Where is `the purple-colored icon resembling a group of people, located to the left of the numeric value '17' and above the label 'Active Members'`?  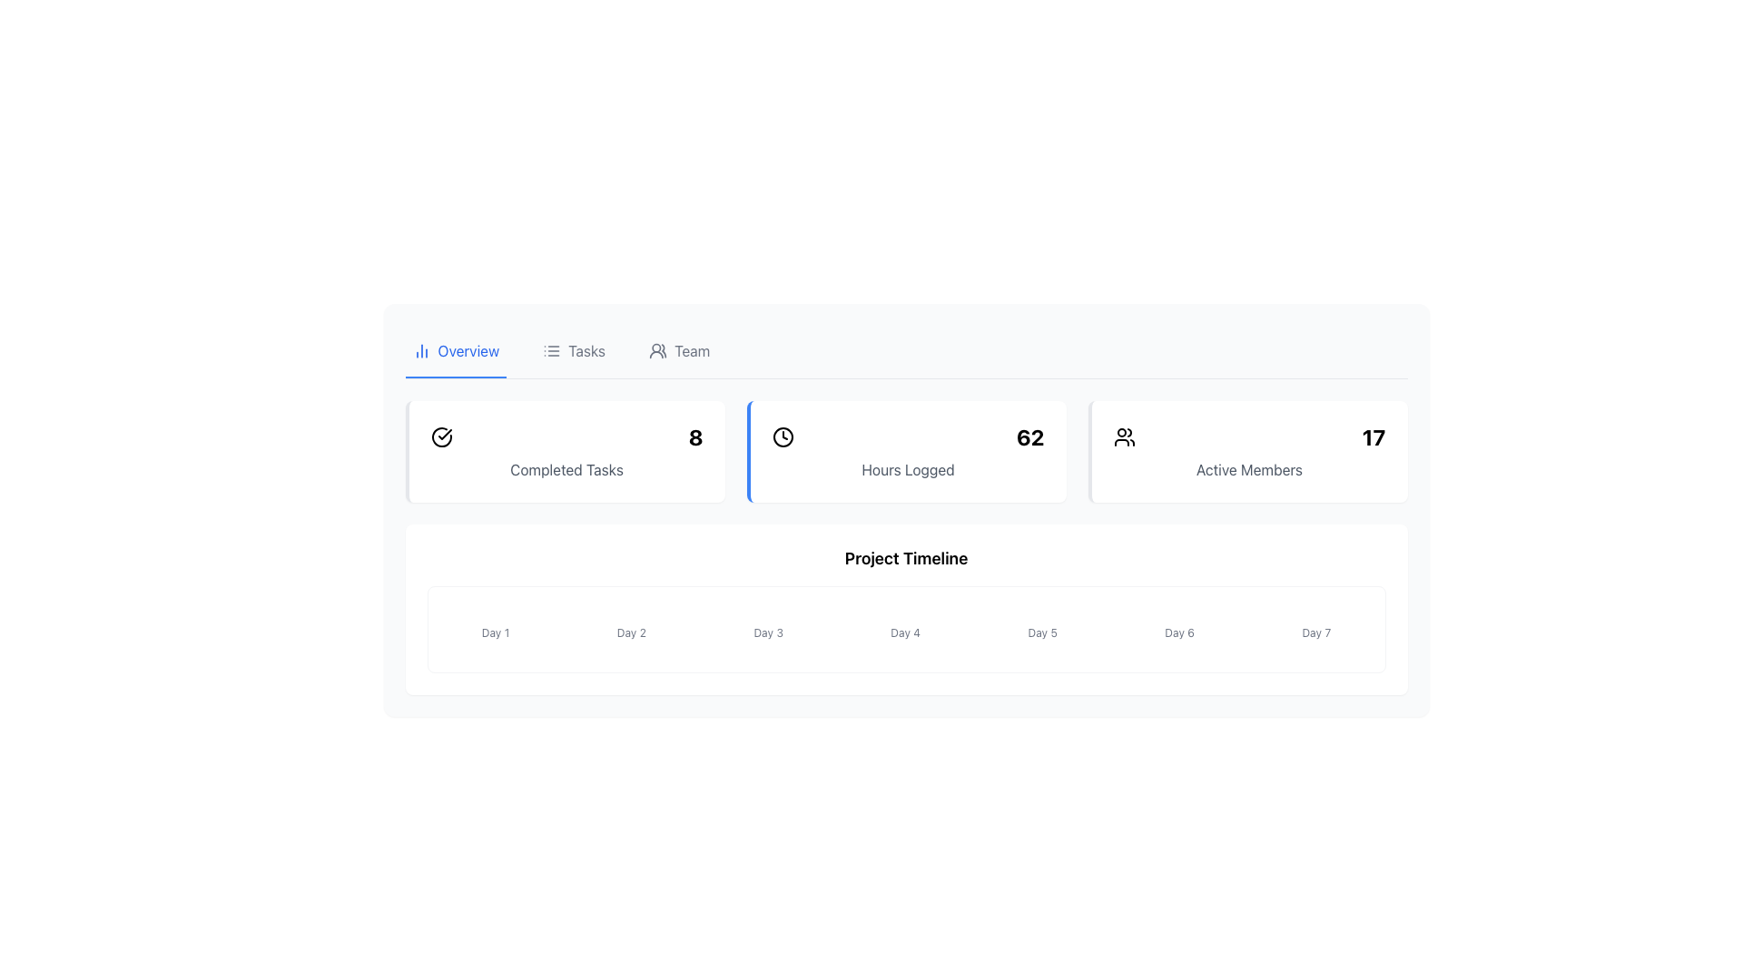 the purple-colored icon resembling a group of people, located to the left of the numeric value '17' and above the label 'Active Members' is located at coordinates (1123, 437).